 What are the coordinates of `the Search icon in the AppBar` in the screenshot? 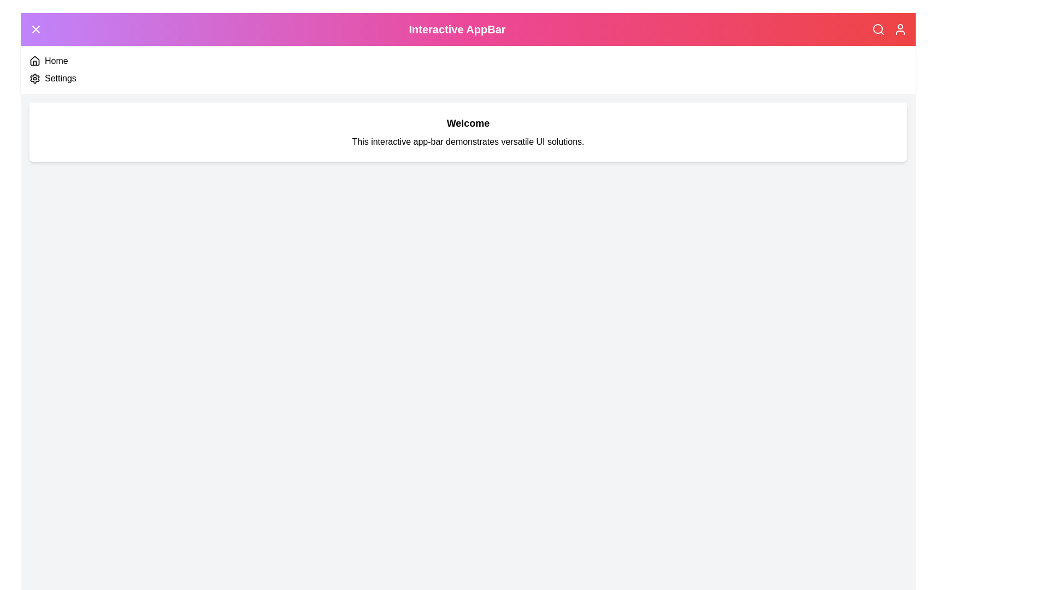 It's located at (879, 29).